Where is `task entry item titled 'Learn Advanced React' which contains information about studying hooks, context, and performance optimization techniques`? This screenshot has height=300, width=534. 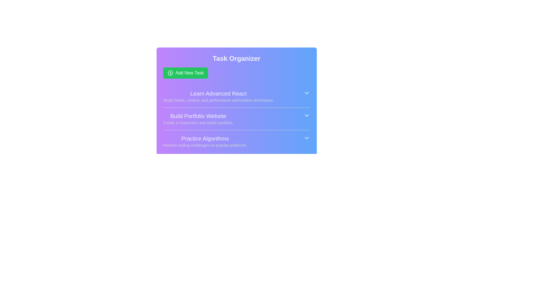 task entry item titled 'Learn Advanced React' which contains information about studying hooks, context, and performance optimization techniques is located at coordinates (236, 96).